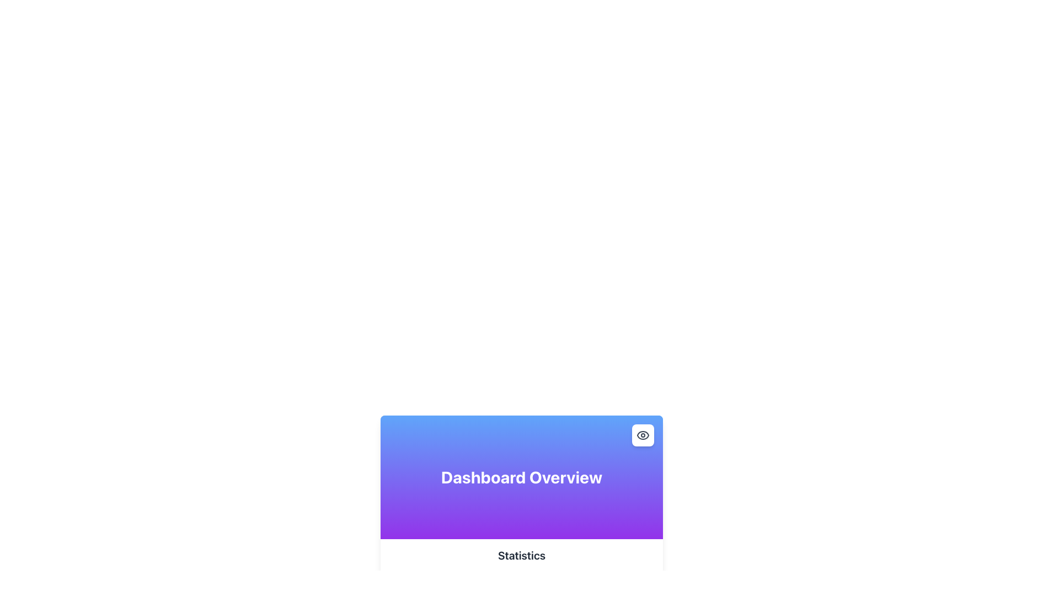 The height and width of the screenshot is (596, 1059). I want to click on the 'Dashboard Overview' text label, which serves as the title for the panel providing an overview of the dashboard, so click(521, 476).